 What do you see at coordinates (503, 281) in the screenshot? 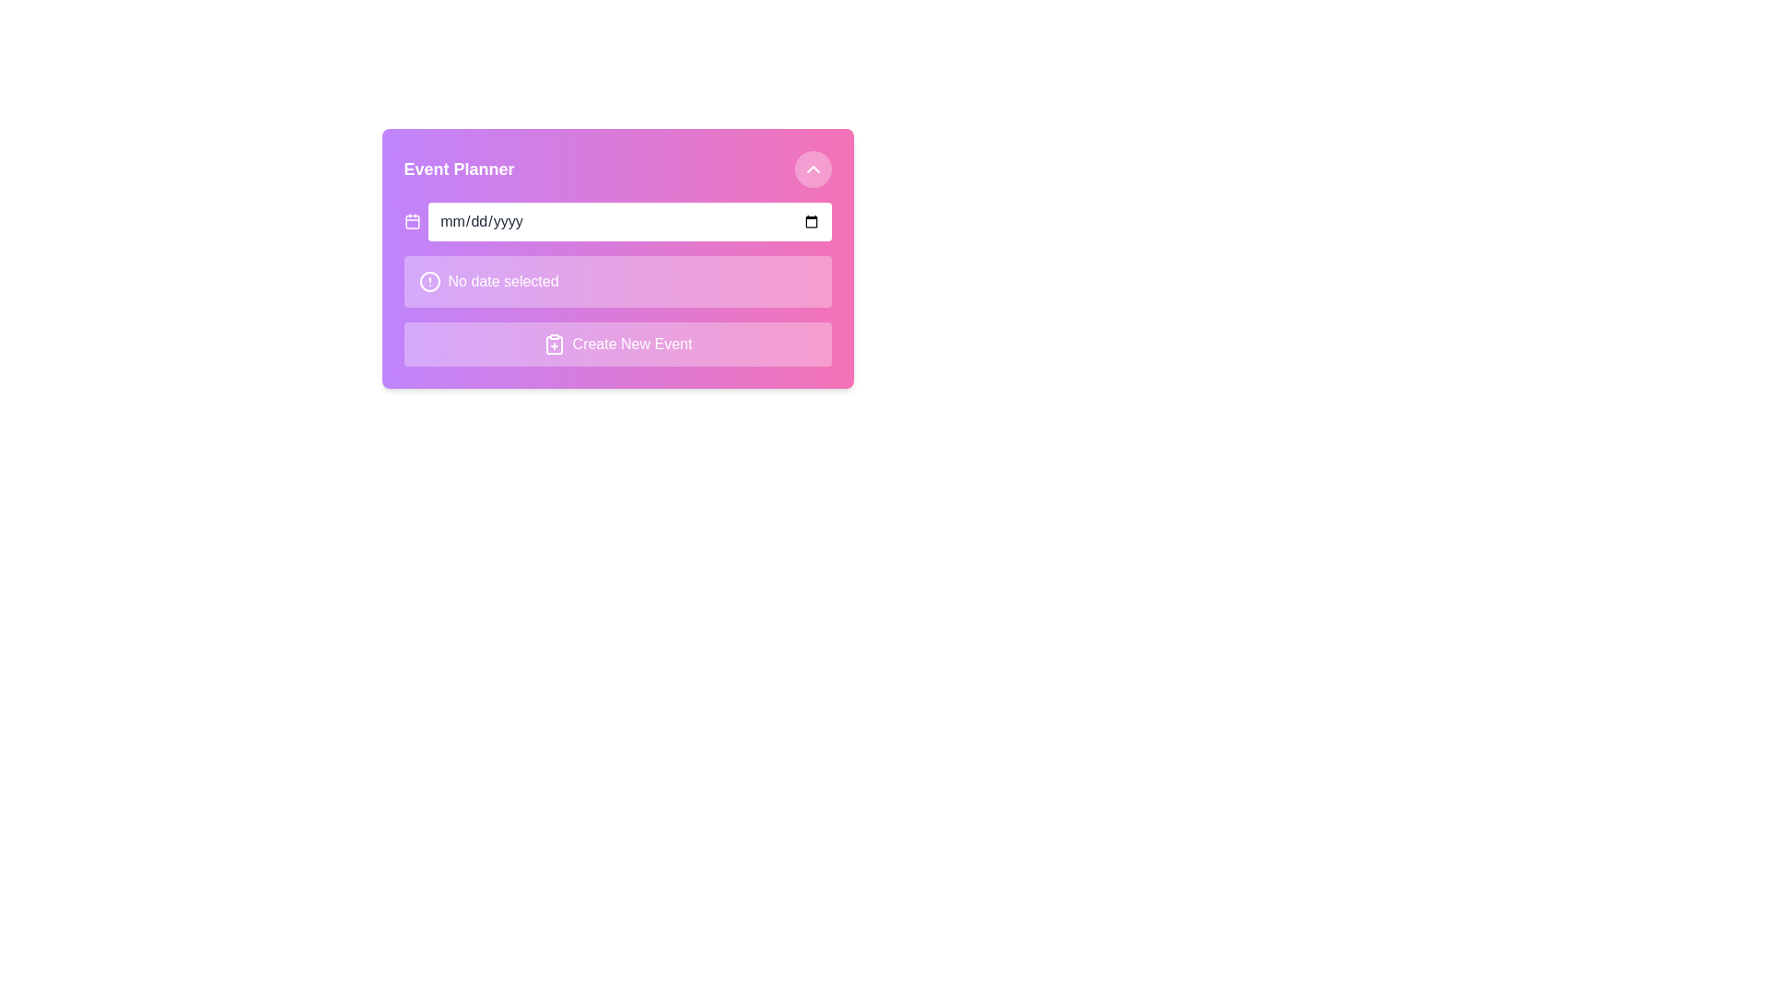
I see `the text label that displays 'No date selected', which is prominently bold and centered within a slightly transparent white rounded background` at bounding box center [503, 281].